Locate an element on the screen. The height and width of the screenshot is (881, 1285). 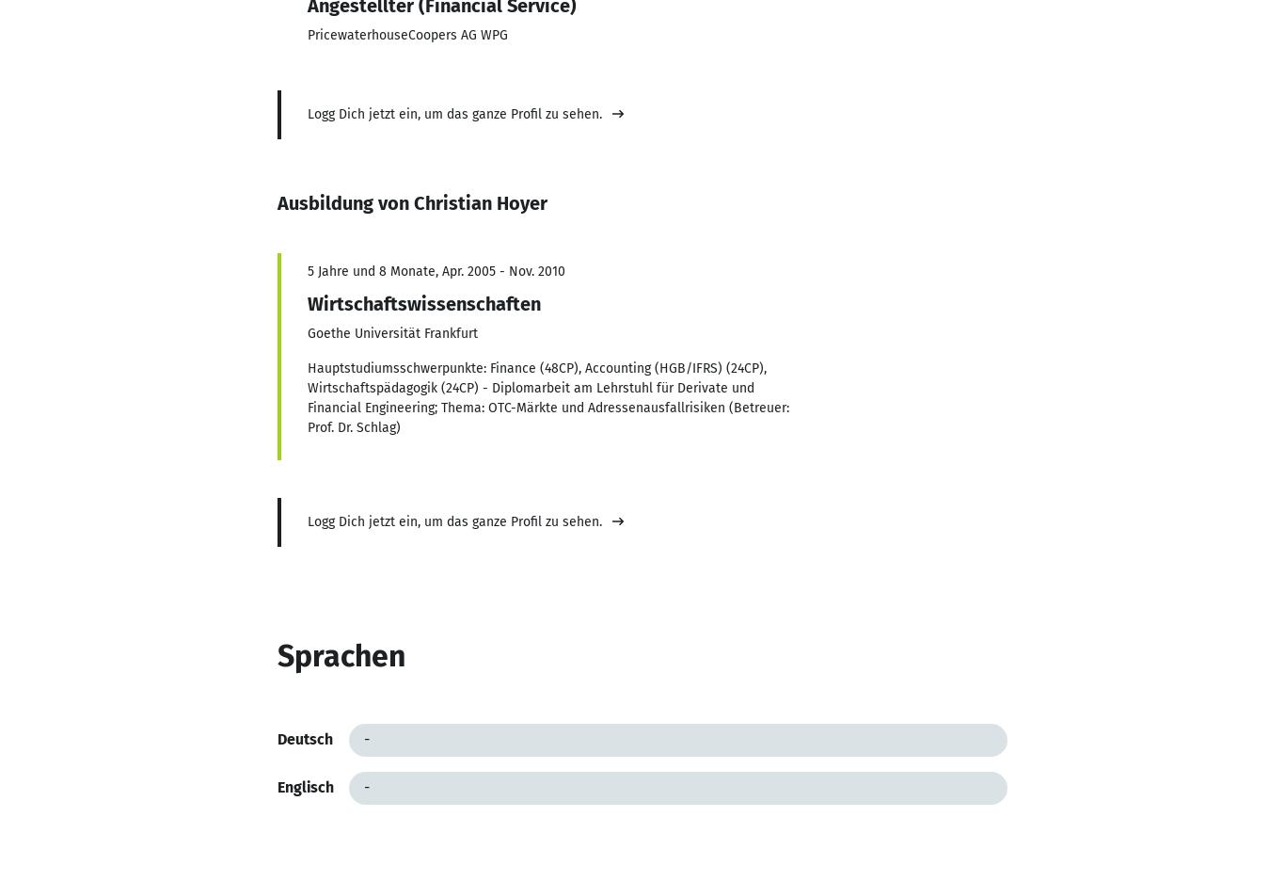
'Hauptstudiumsschwerpunkte: Finance (48CP), Accounting (HGB/IFRS) (24CP), Wirtschaftspädagogik (24CP) - Diplomarbeit am Lehrstuhl für Derivate und Financial Engineering; Thema: OTC-Märkte und Adressenausfallrisiken (Betreuer: Prof. Dr. Schlag)' is located at coordinates (547, 396).